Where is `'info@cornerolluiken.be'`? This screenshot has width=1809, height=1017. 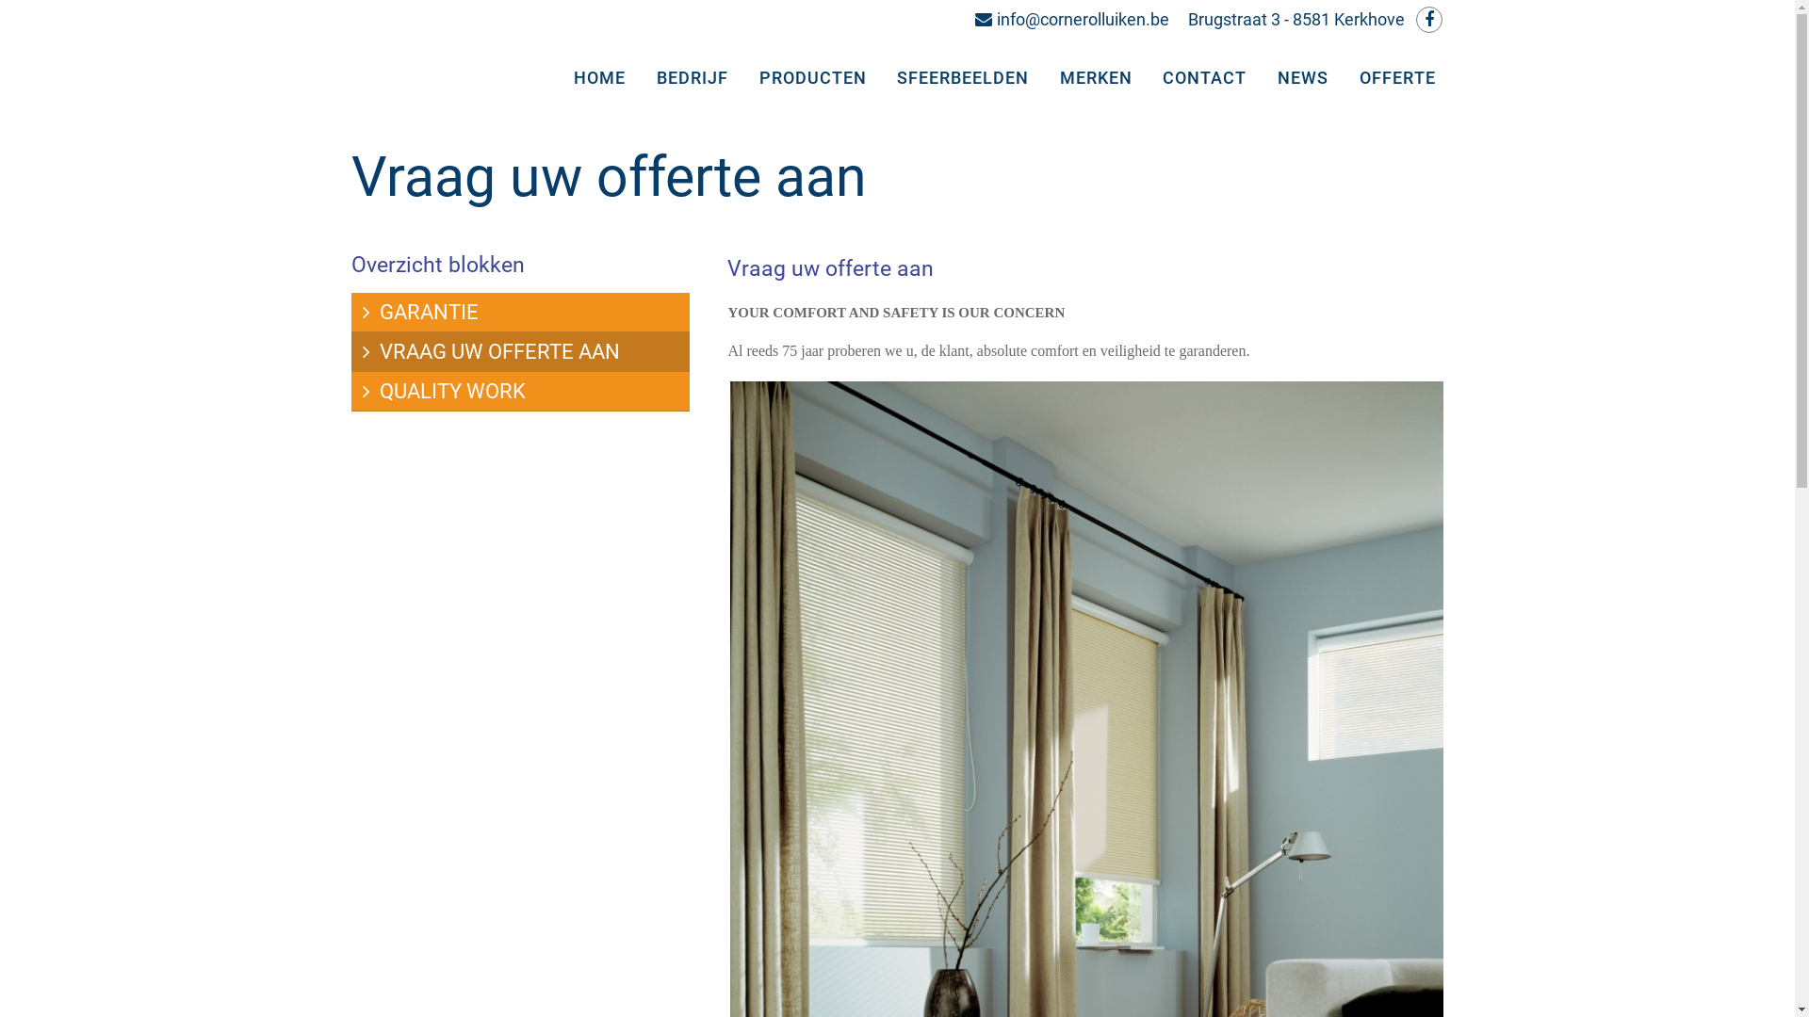
'info@cornerolluiken.be' is located at coordinates (973, 19).